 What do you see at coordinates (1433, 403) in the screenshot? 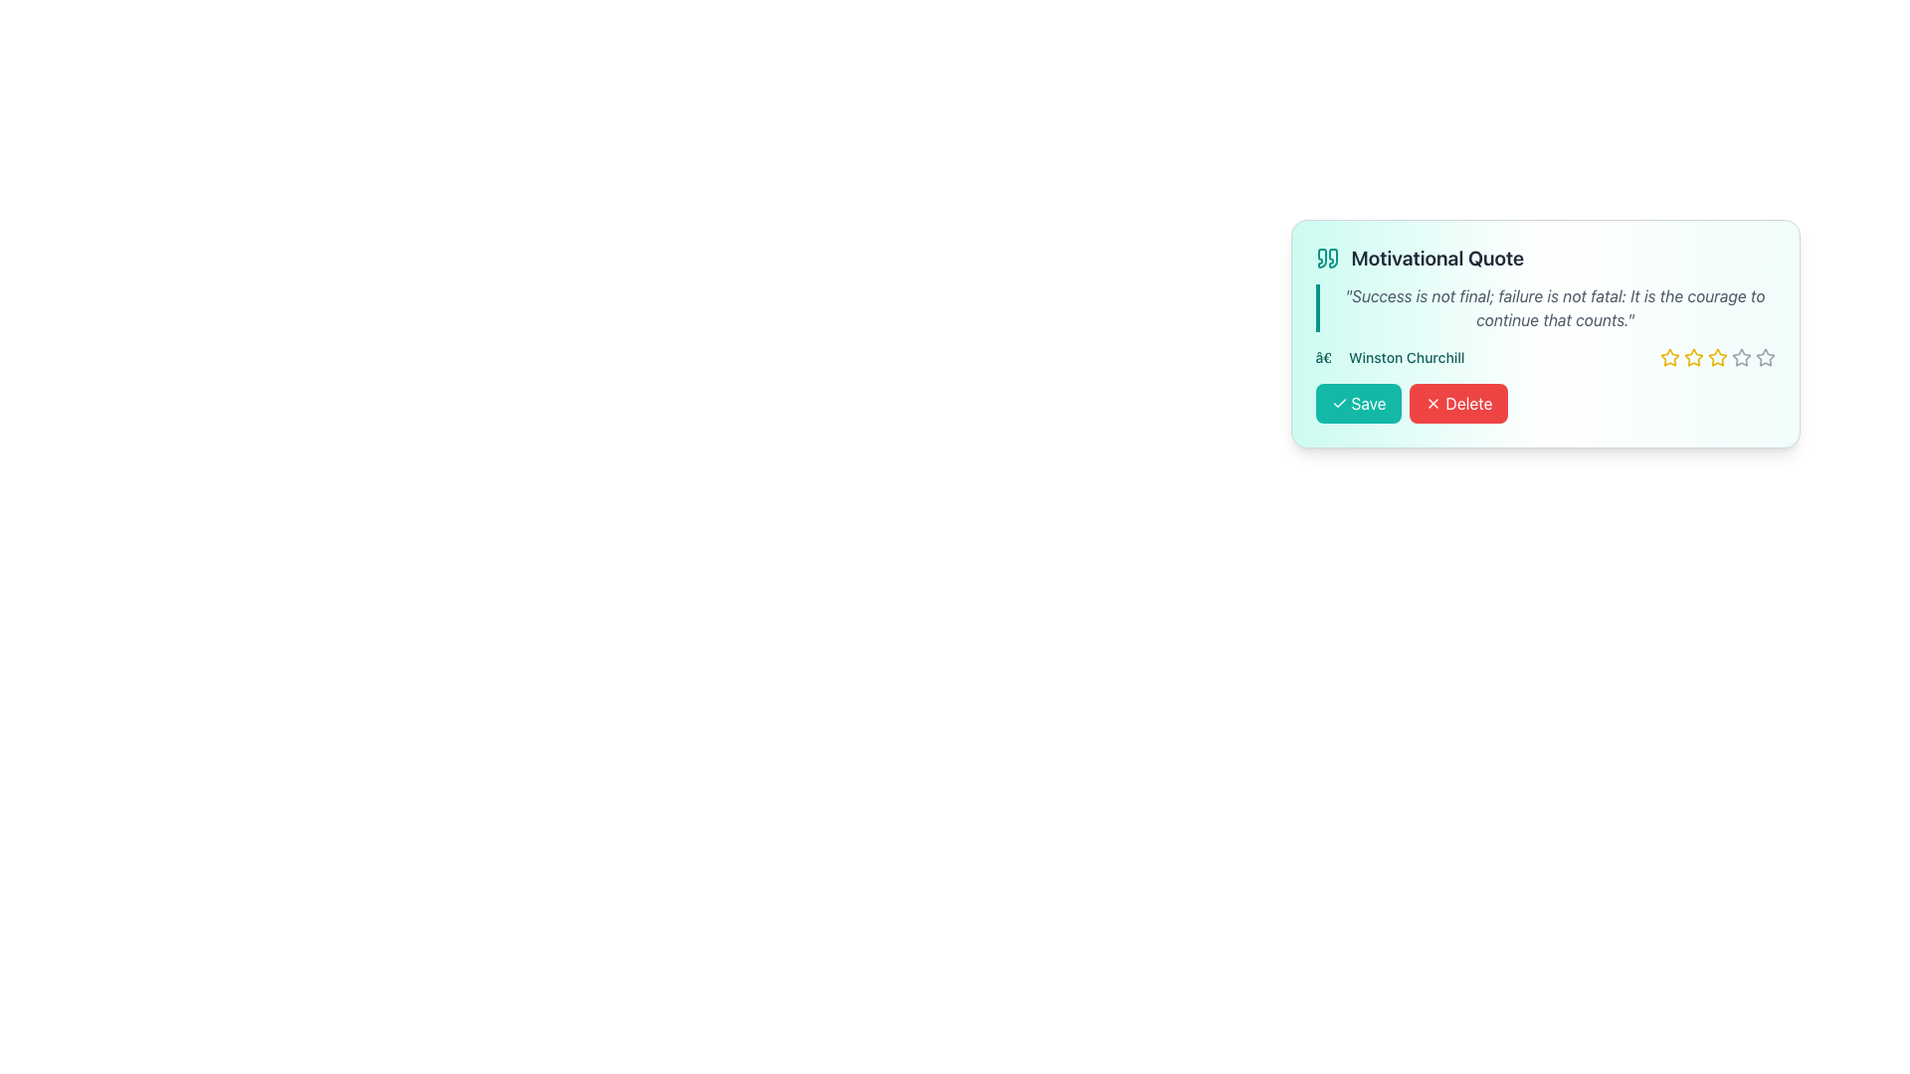
I see `the 'X' icon on the left side of the 'Delete' button, which is red-colored and indicates a close or delete action` at bounding box center [1433, 403].